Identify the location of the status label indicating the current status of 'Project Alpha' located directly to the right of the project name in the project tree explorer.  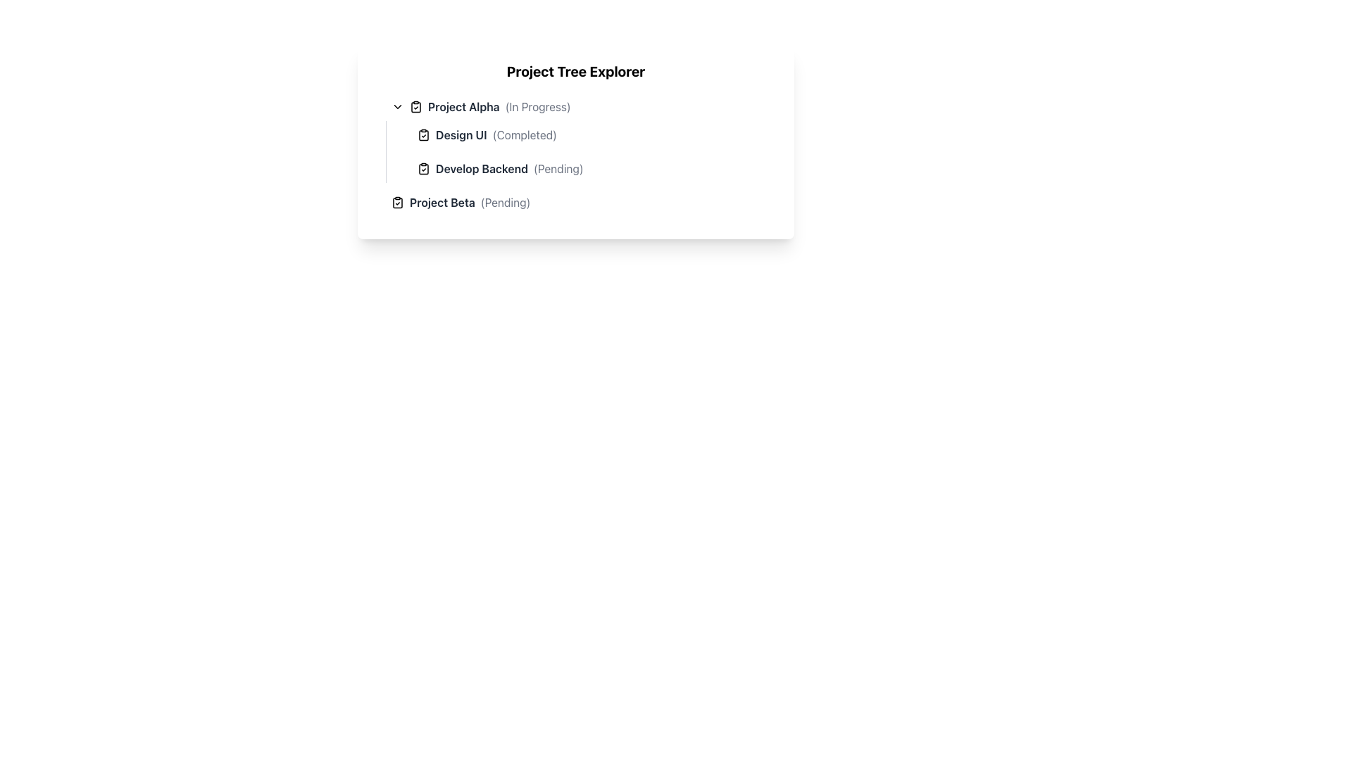
(537, 106).